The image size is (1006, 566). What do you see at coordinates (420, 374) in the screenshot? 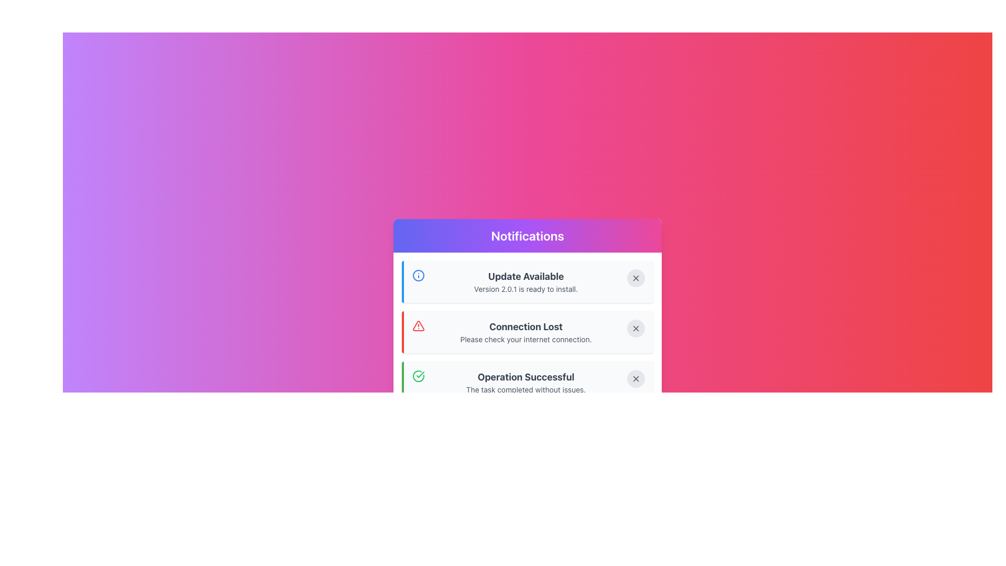
I see `the checkmark icon within the green-bordered circle located in the top-right area of the 'Operation Successful' notification module` at bounding box center [420, 374].